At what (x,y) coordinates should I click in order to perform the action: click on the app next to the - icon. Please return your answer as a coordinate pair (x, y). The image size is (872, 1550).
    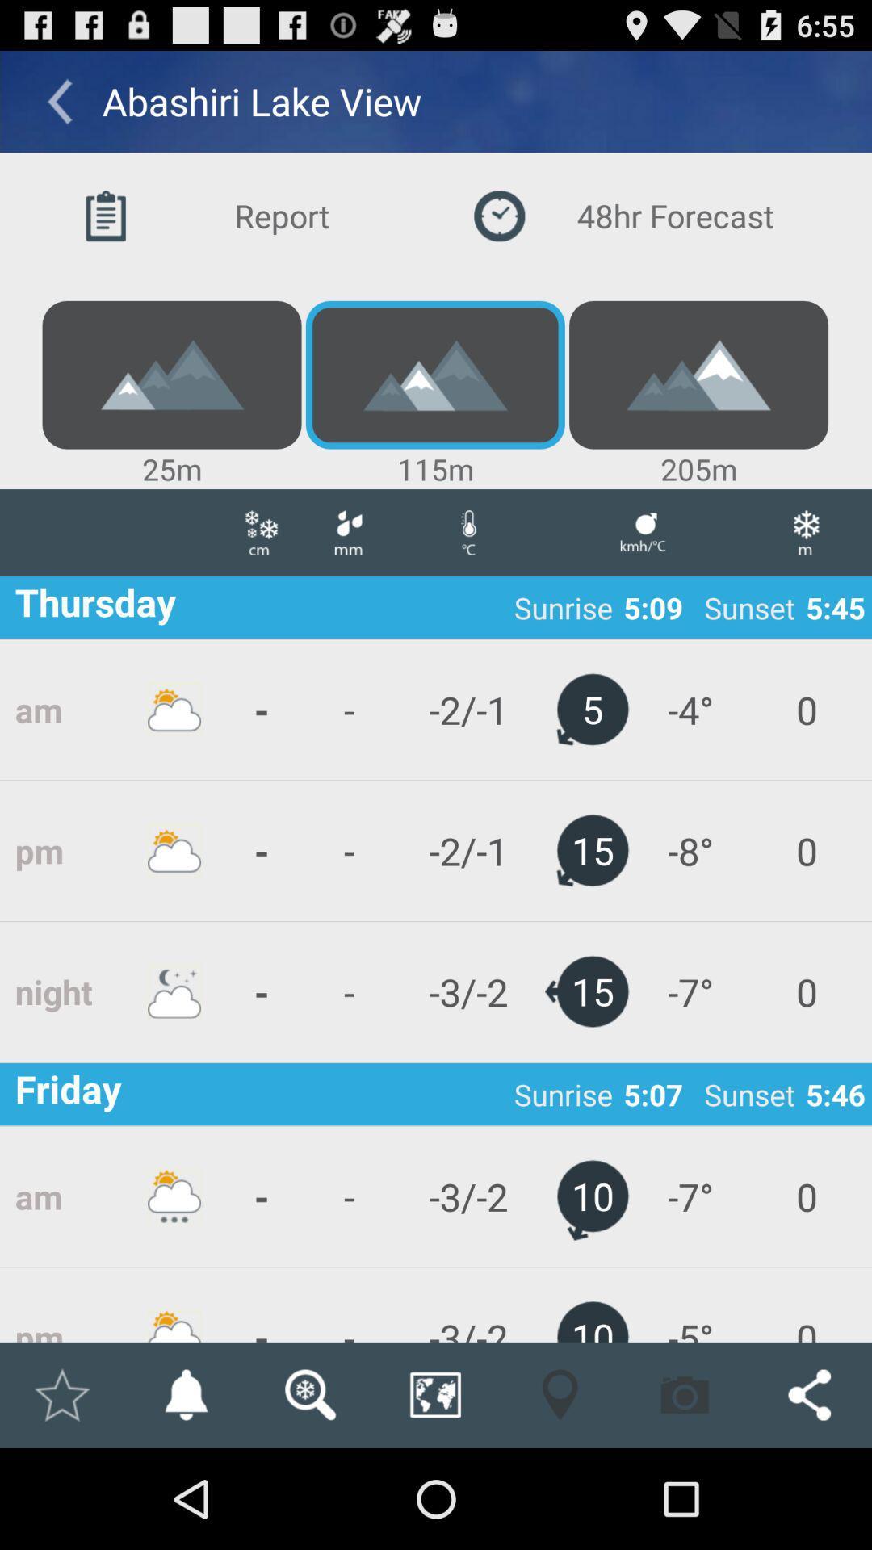
    Looking at the image, I should click on (348, 850).